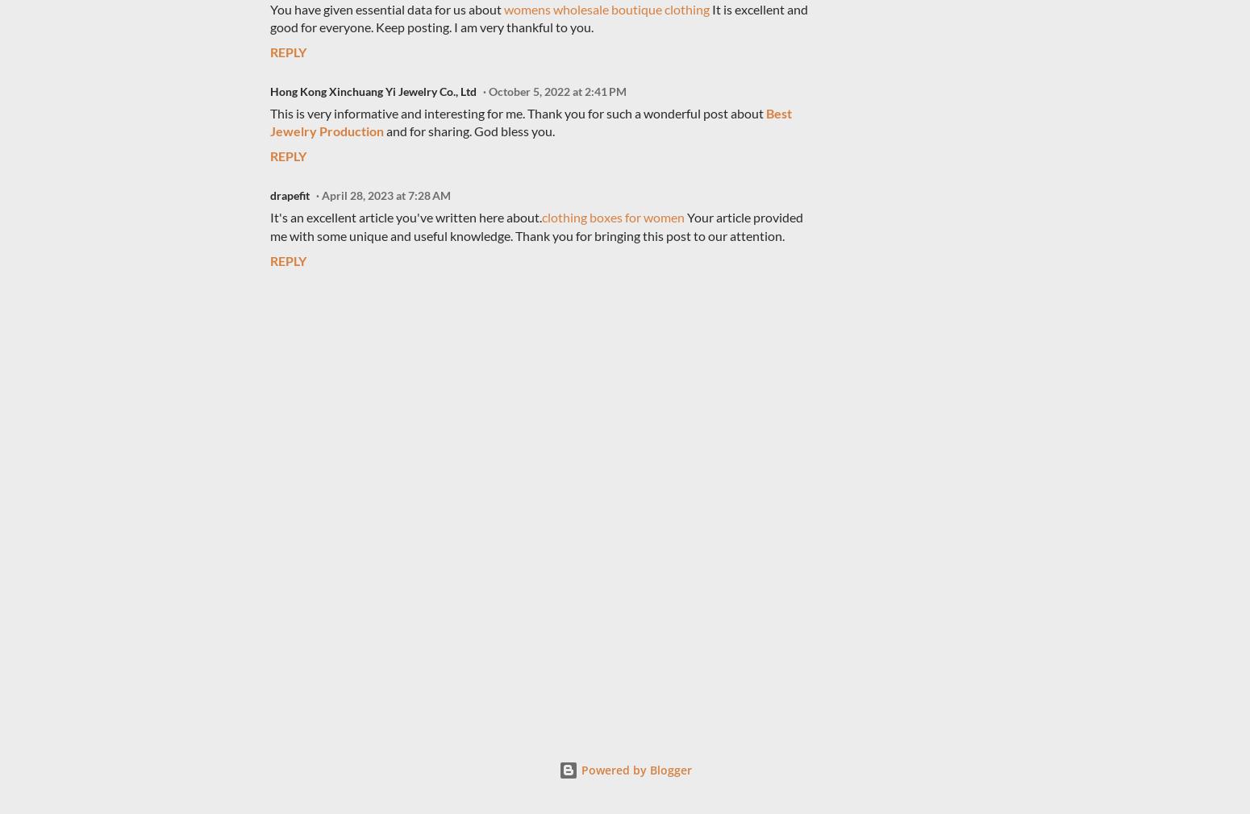 This screenshot has width=1250, height=814. What do you see at coordinates (556, 89) in the screenshot?
I see `'October 5, 2022 at 2:41 PM'` at bounding box center [556, 89].